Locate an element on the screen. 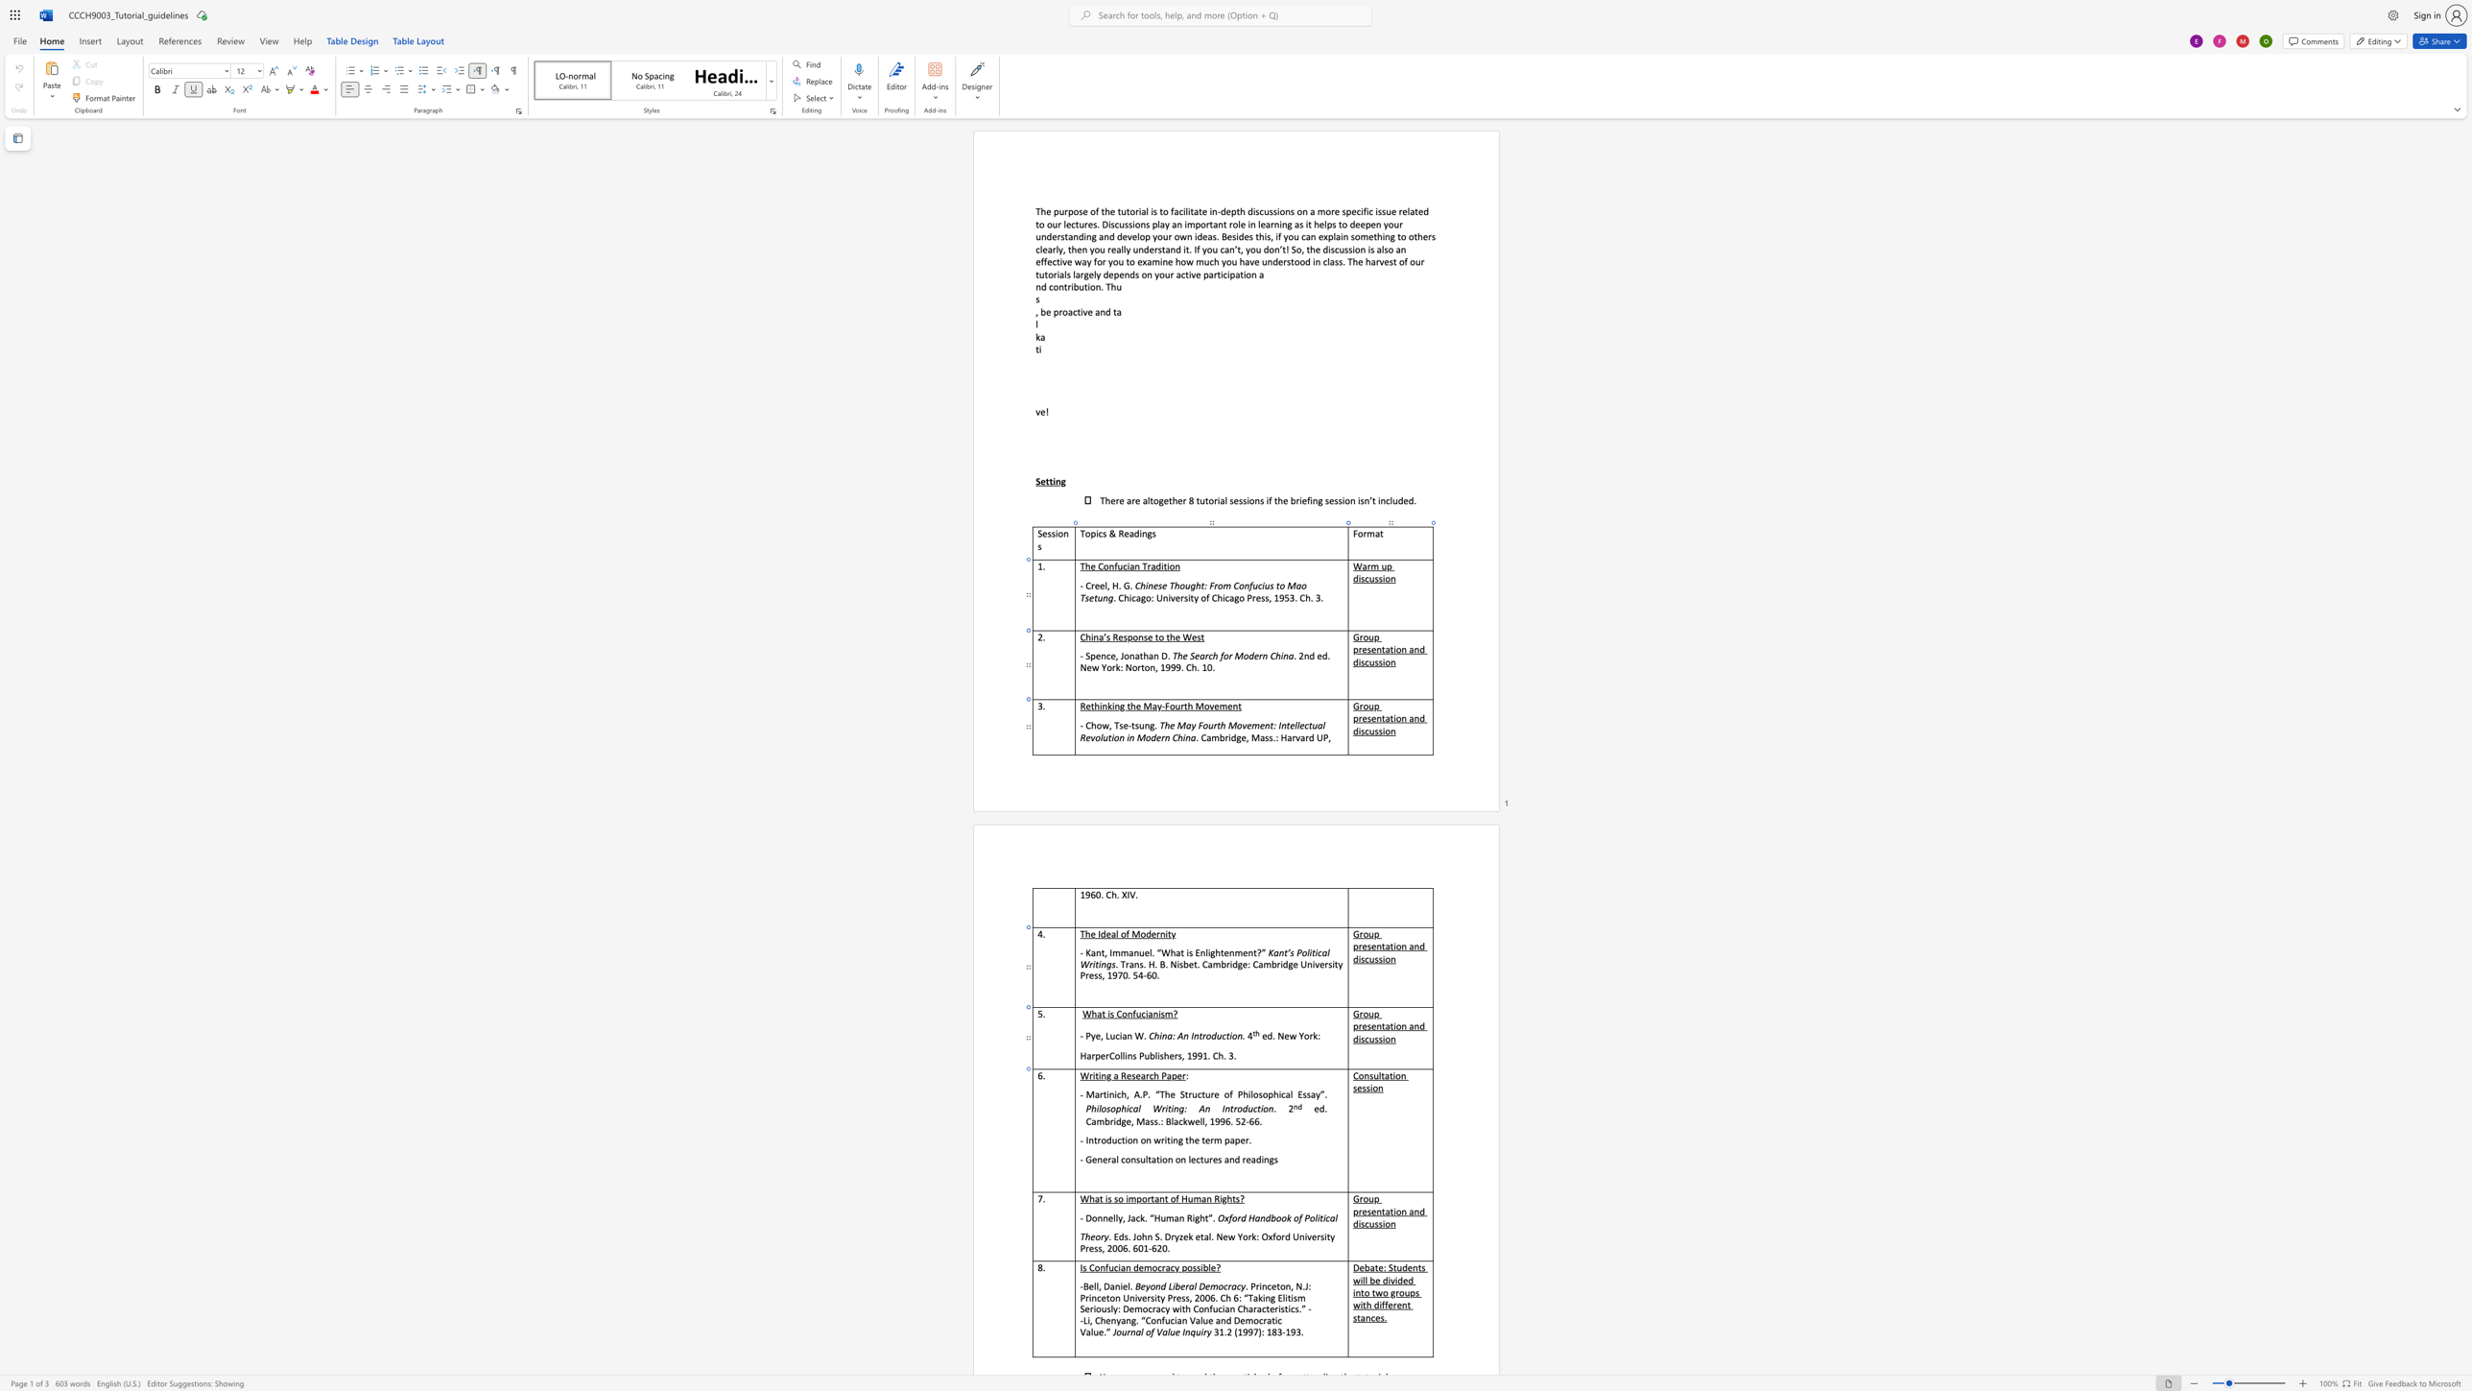  the space between the continuous character "e" and "," in the text is located at coordinates (1099, 1036).